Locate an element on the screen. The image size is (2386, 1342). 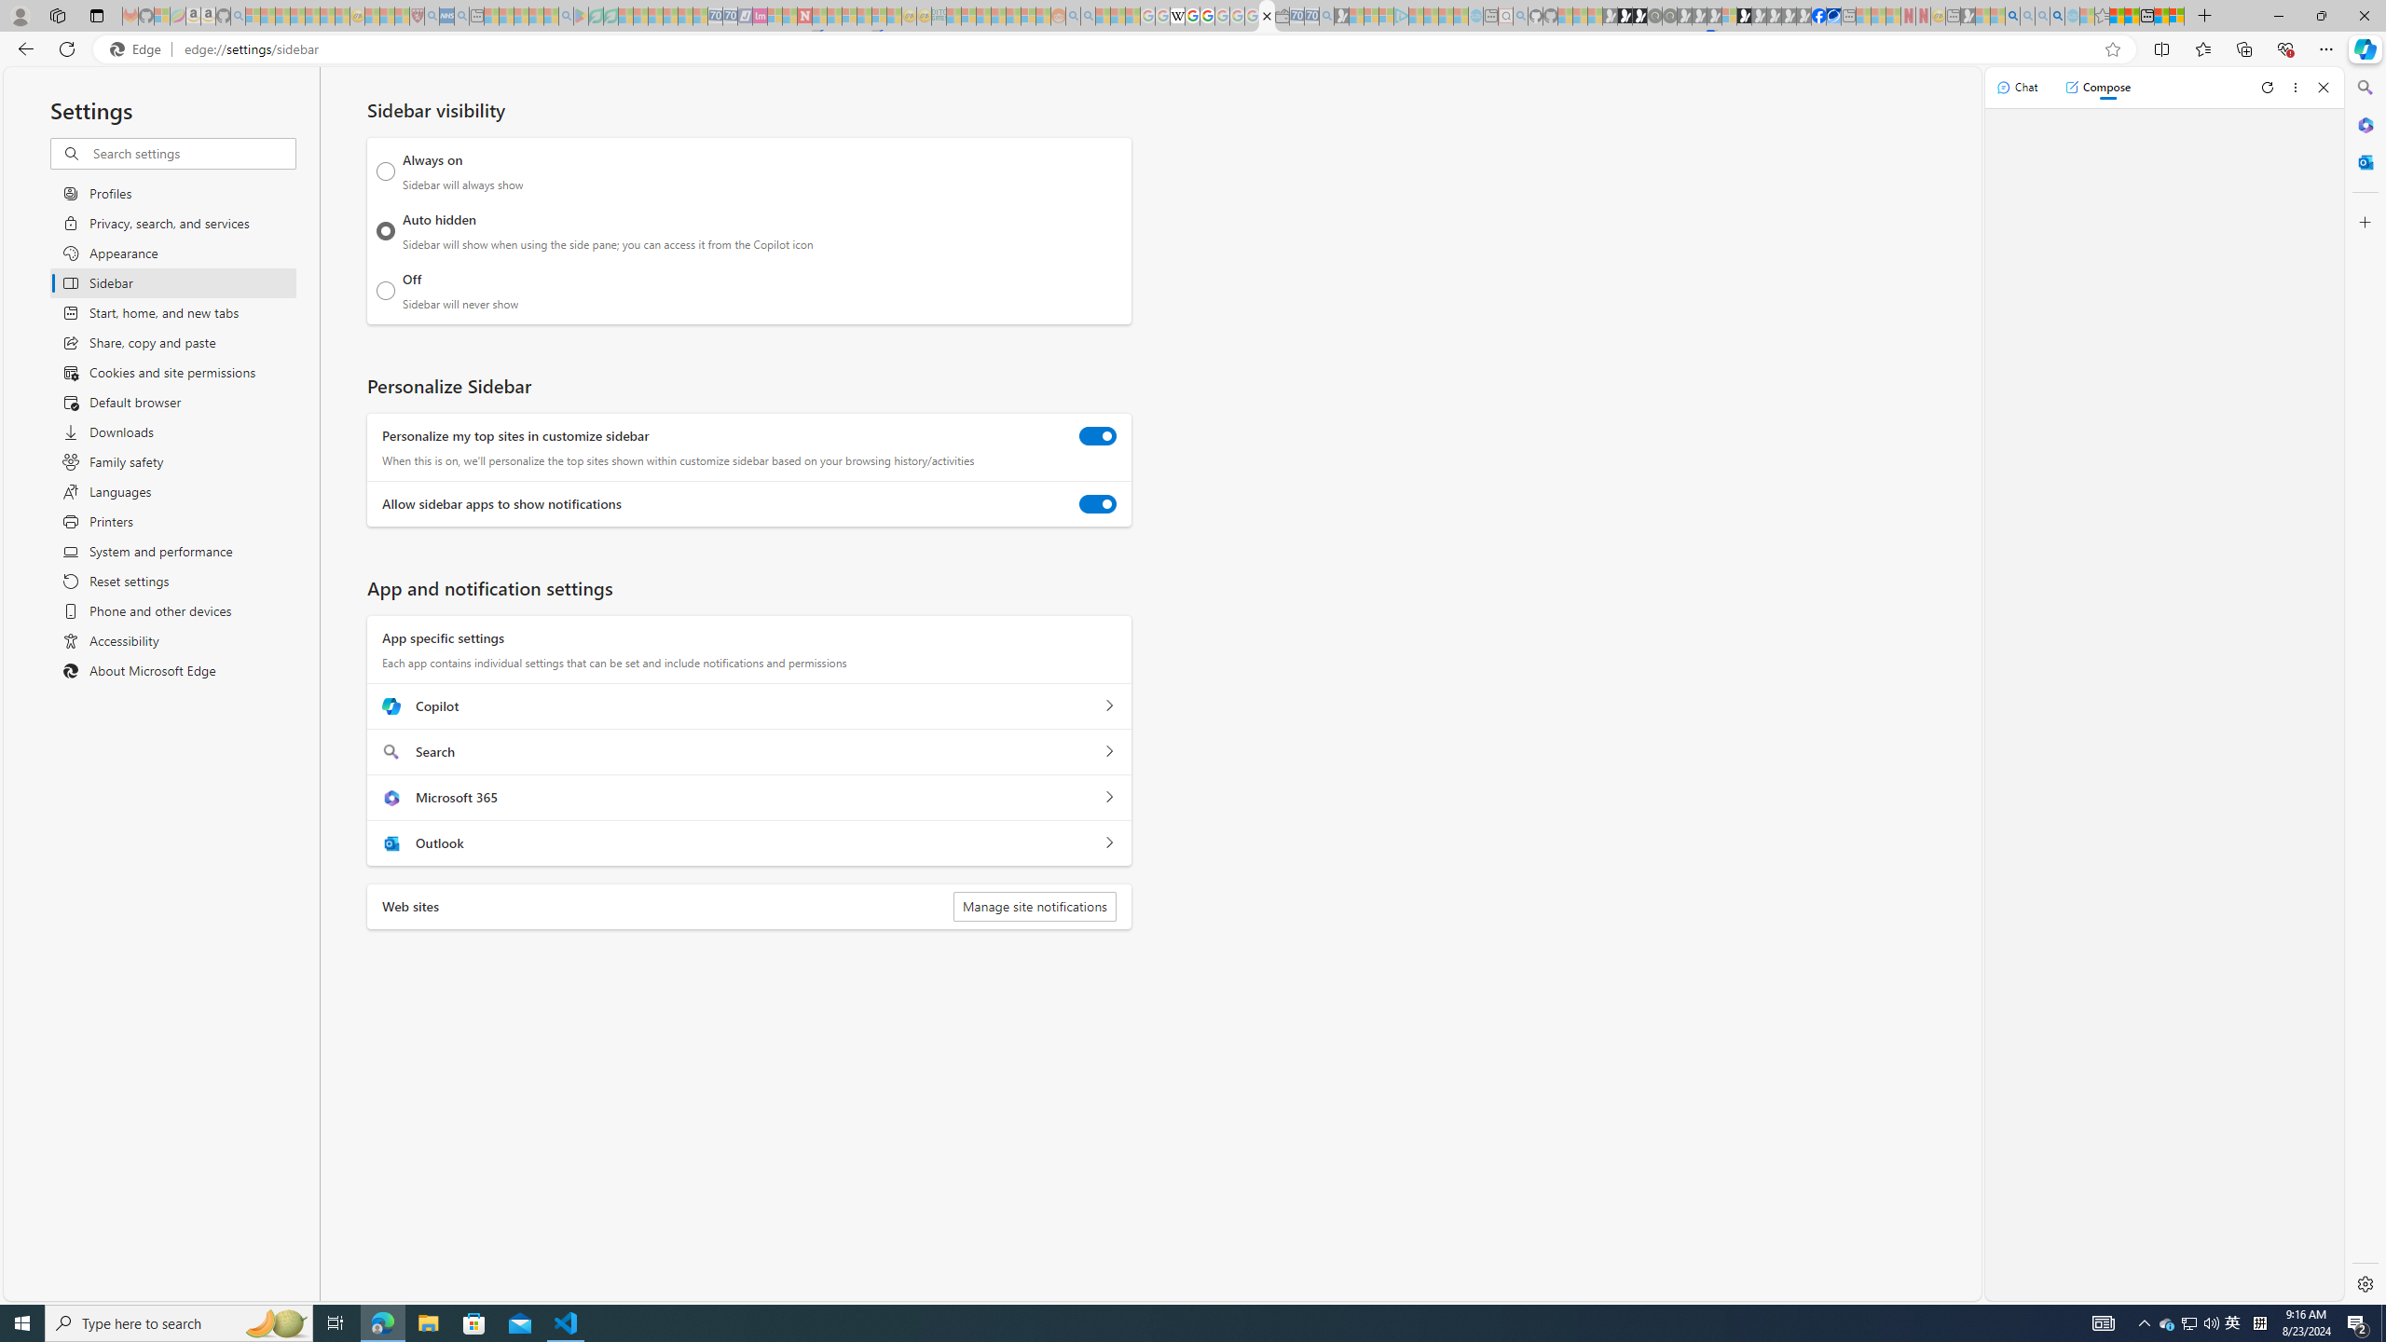
'Target page - Wikipedia' is located at coordinates (1177, 15).